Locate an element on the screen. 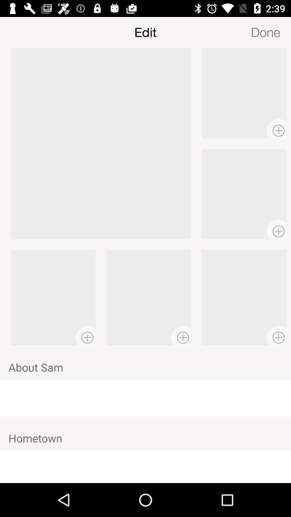 The image size is (291, 517). the add icon is located at coordinates (85, 335).